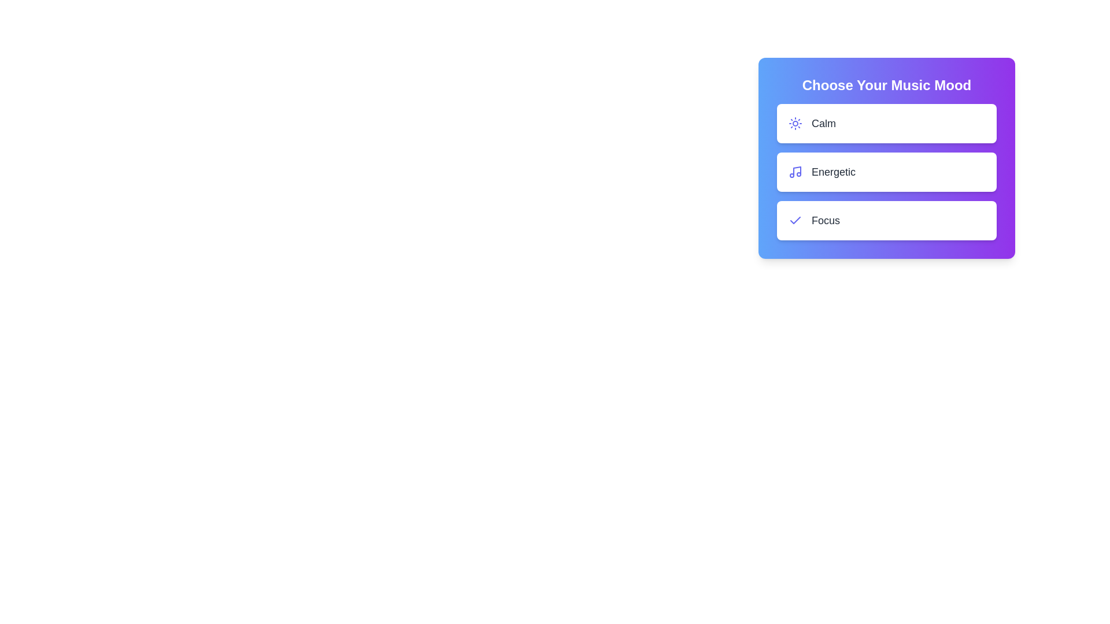  Describe the element at coordinates (825, 220) in the screenshot. I see `the 'Focus' label, which is a medium-sized dark gray text within a vertical list of mood options in a modal` at that location.